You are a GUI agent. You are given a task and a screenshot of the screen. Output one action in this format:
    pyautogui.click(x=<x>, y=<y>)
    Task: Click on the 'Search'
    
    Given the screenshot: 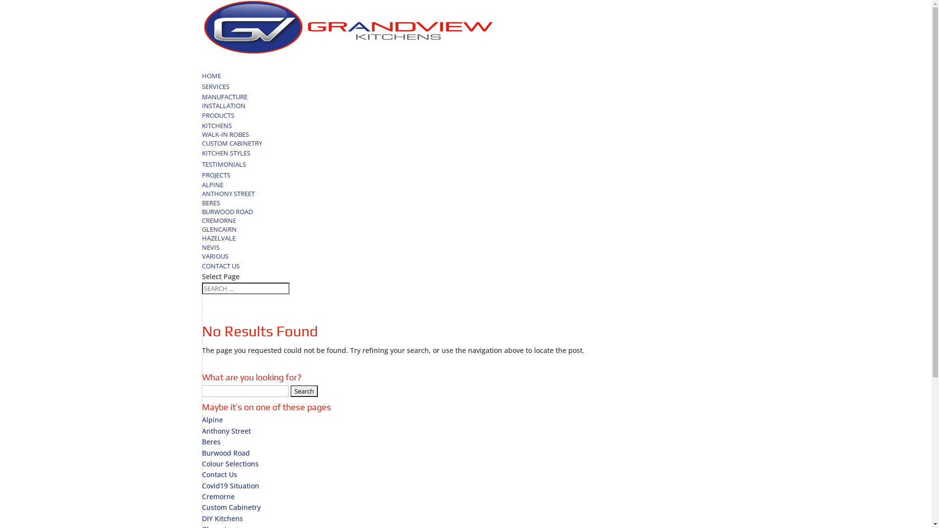 What is the action you would take?
    pyautogui.click(x=290, y=390)
    